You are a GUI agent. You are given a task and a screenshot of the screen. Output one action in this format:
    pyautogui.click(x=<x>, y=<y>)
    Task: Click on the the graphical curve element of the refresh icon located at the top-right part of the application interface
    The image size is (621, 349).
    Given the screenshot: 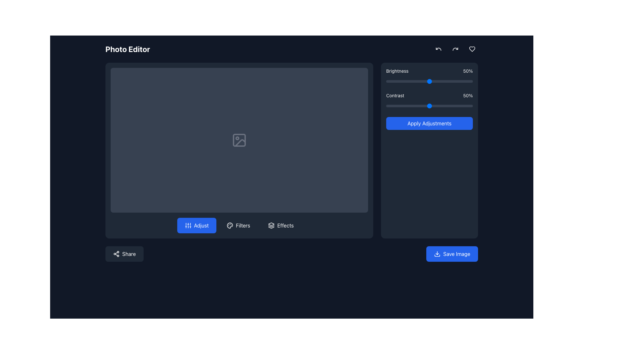 What is the action you would take?
    pyautogui.click(x=455, y=48)
    